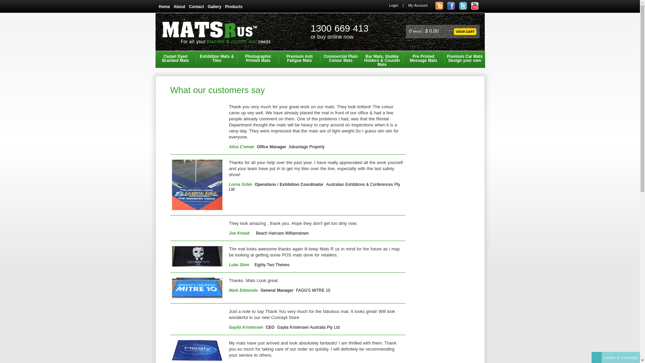 This screenshot has height=363, width=645. Describe the element at coordinates (175, 59) in the screenshot. I see `'Carpet Dyed Branded Mats'` at that location.